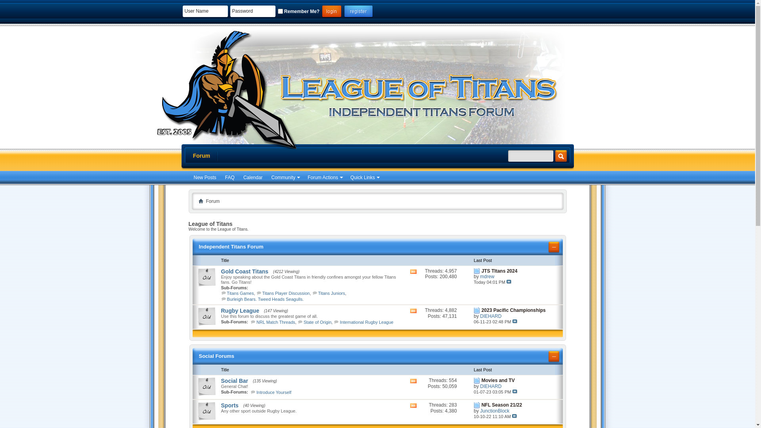  I want to click on 'Introduce Yourself', so click(274, 392).